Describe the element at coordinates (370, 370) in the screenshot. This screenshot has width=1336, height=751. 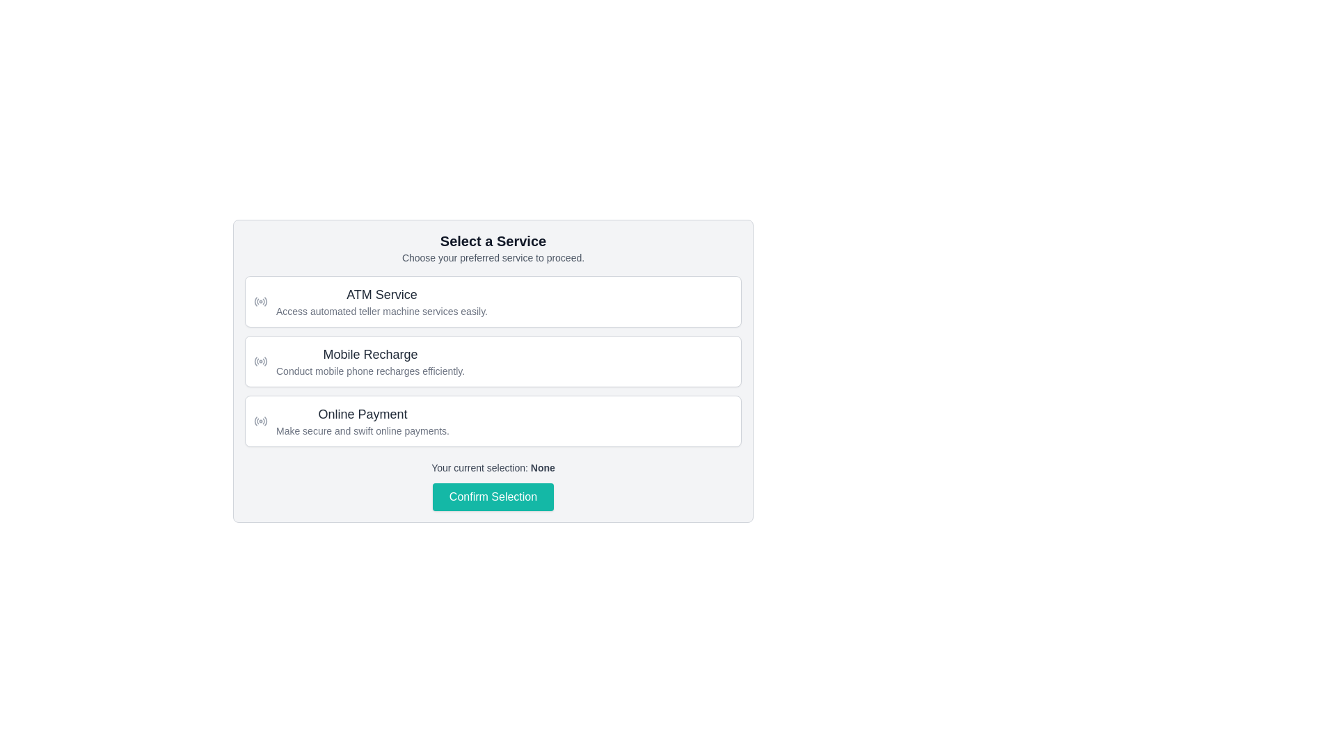
I see `the descriptive text element located below the 'Mobile Recharge' title within the selection card, which provides information about the 'Mobile Recharge' service` at that location.